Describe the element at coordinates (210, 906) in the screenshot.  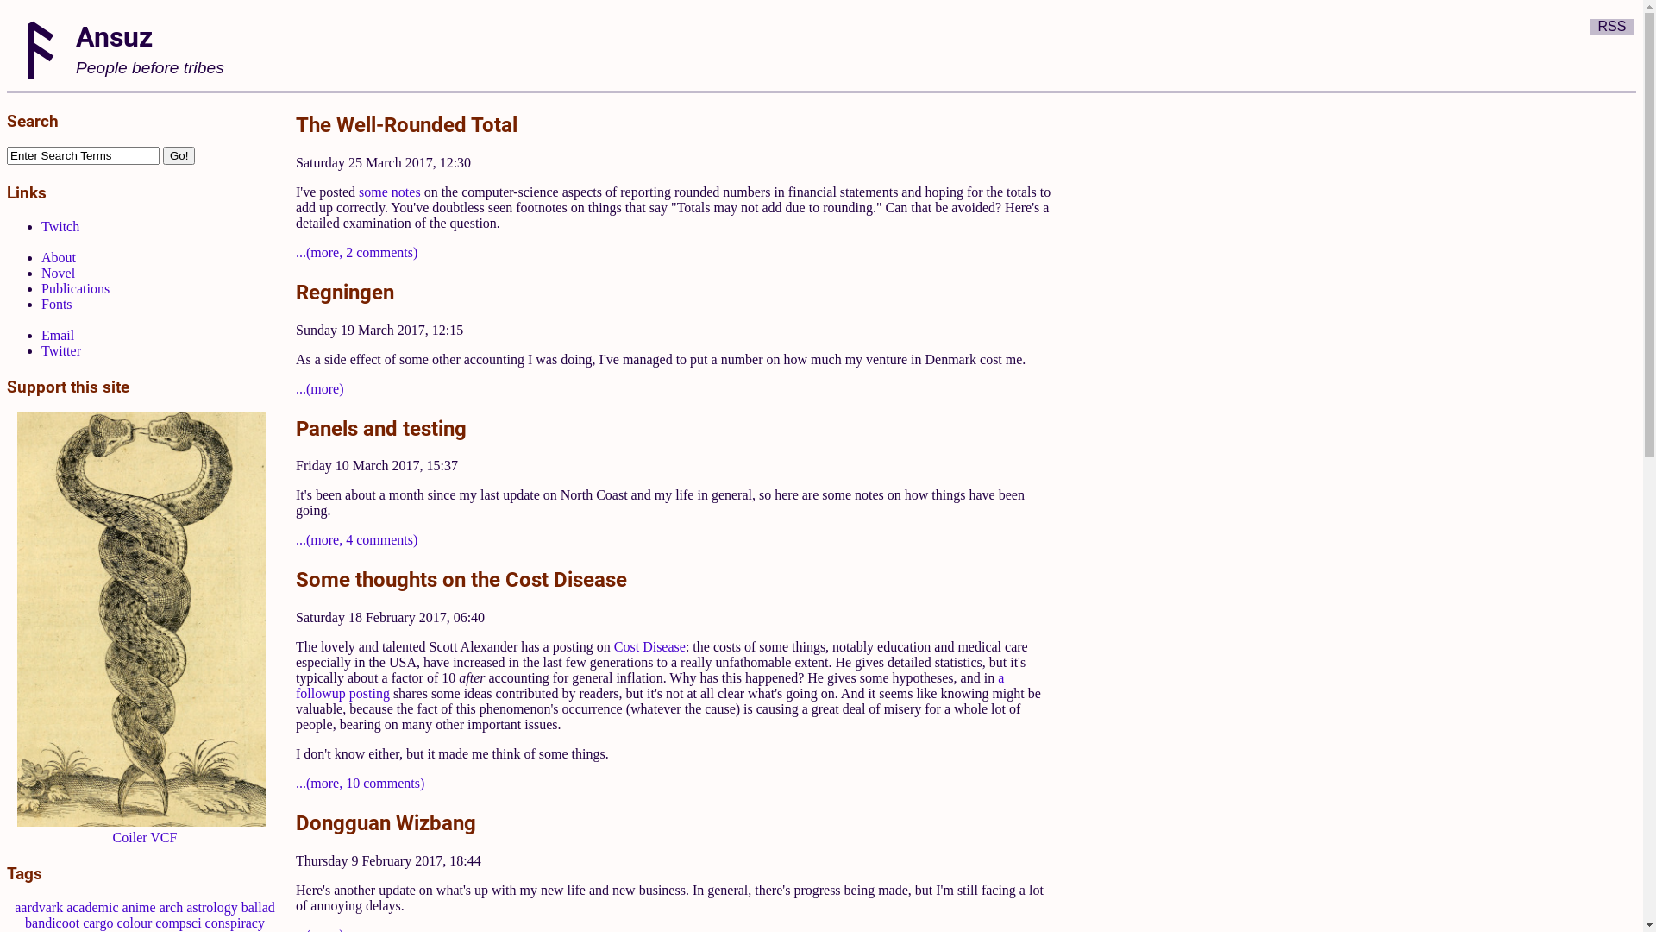
I see `'astrology'` at that location.